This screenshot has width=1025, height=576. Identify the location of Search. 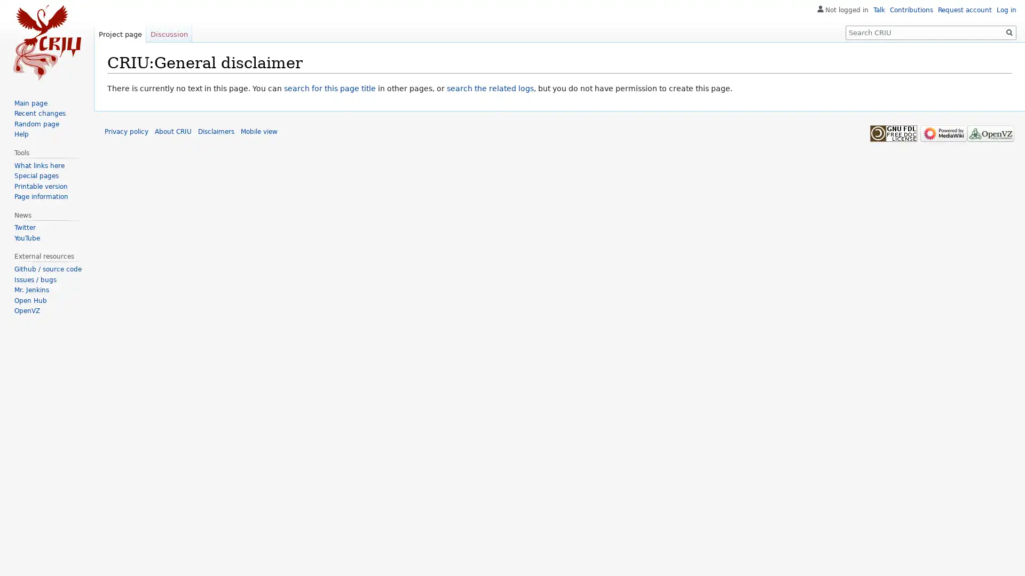
(1009, 32).